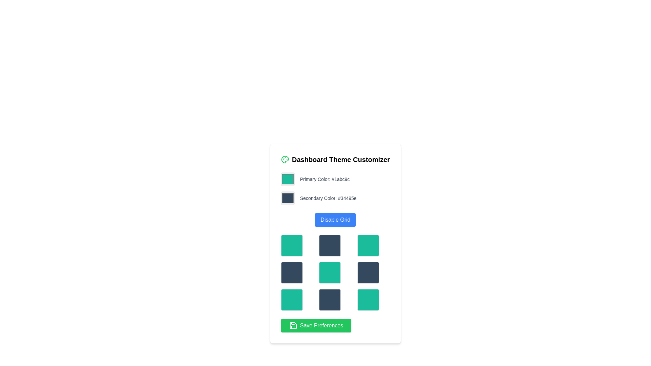  What do you see at coordinates (368, 299) in the screenshot?
I see `the teal selectable color tile located in the bottom-right corner of the 3x3 grid layout` at bounding box center [368, 299].